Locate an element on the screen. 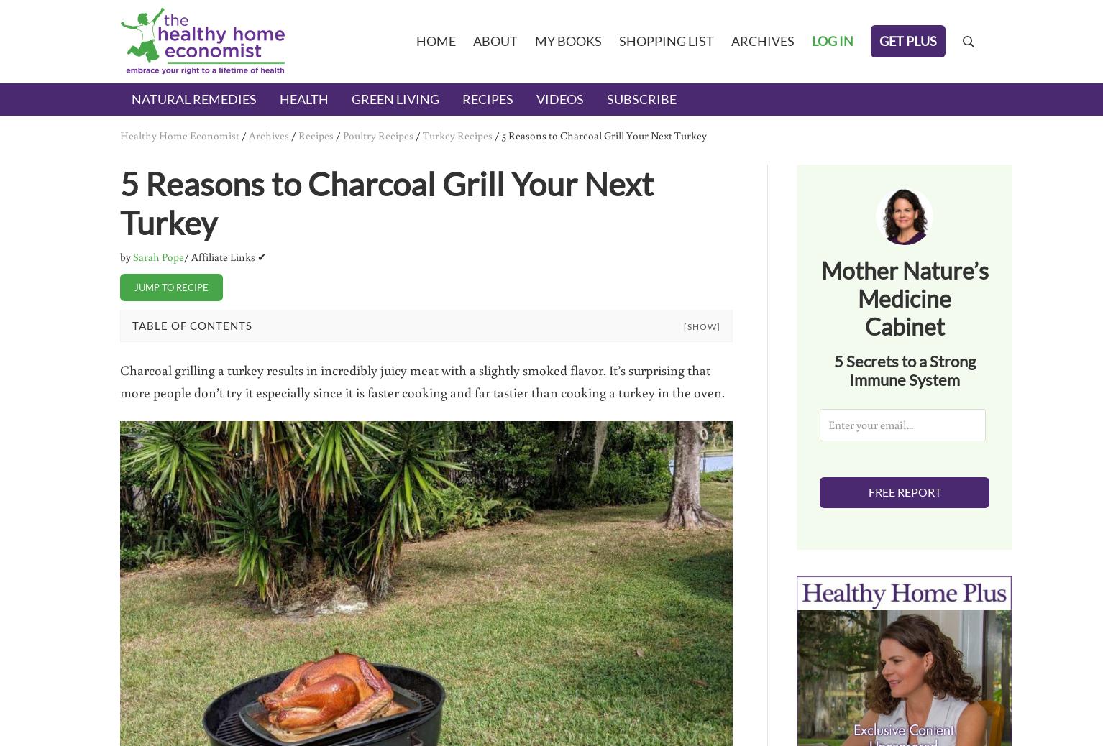  'Shopping List' is located at coordinates (665, 40).